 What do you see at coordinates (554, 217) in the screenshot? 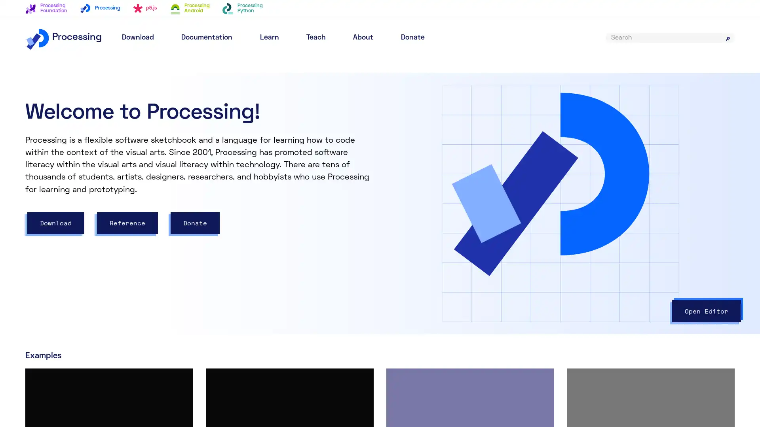
I see `change position` at bounding box center [554, 217].